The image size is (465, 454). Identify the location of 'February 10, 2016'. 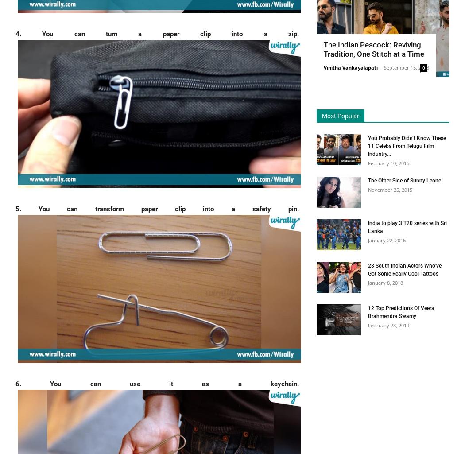
(388, 162).